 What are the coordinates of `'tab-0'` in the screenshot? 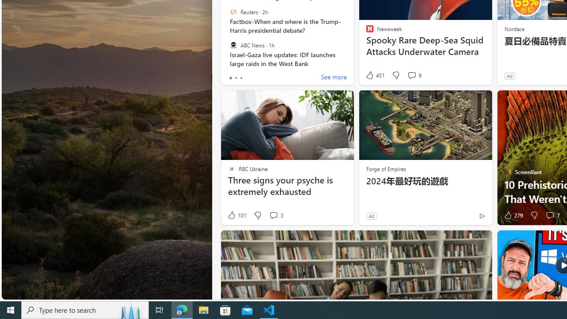 It's located at (230, 78).